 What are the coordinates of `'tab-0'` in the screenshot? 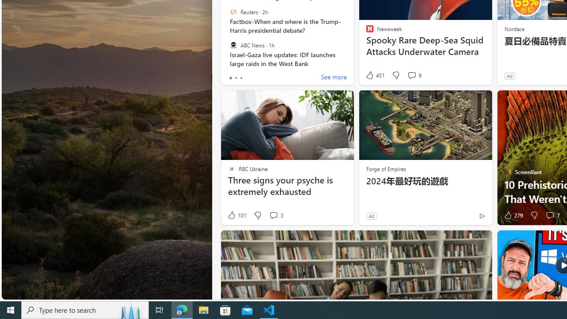 It's located at (230, 78).